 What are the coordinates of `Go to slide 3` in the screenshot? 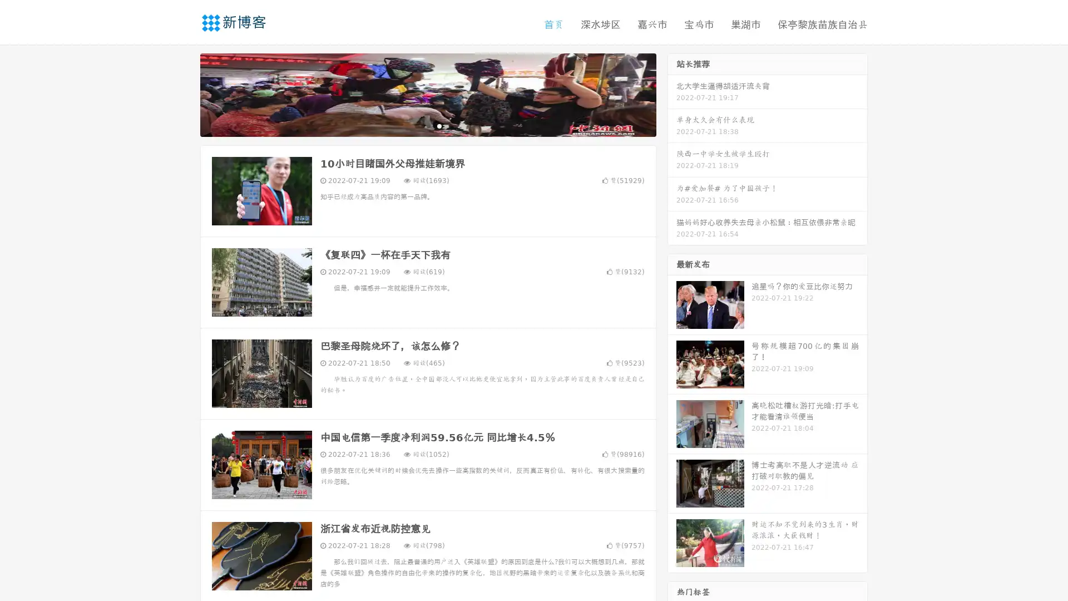 It's located at (439, 125).